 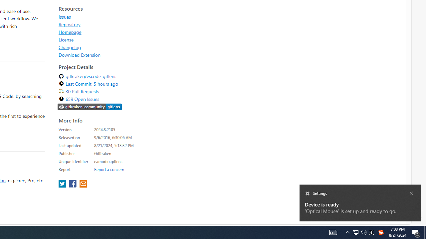 What do you see at coordinates (70, 47) in the screenshot?
I see `'Changelog'` at bounding box center [70, 47].